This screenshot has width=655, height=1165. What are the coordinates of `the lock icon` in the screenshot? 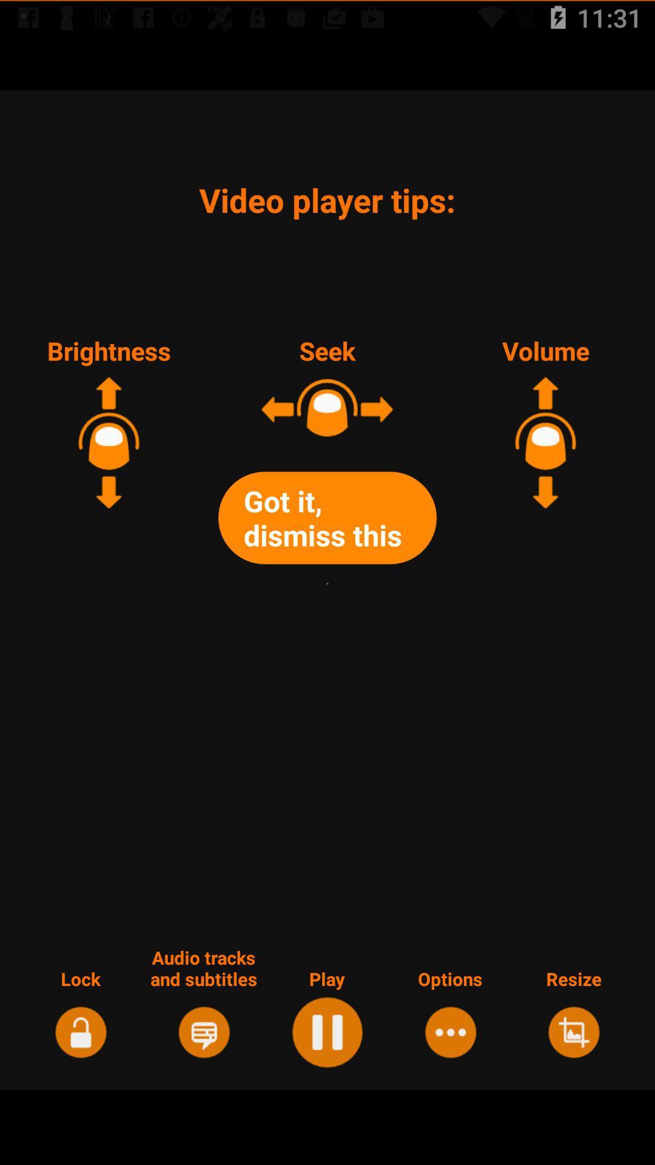 It's located at (81, 1030).